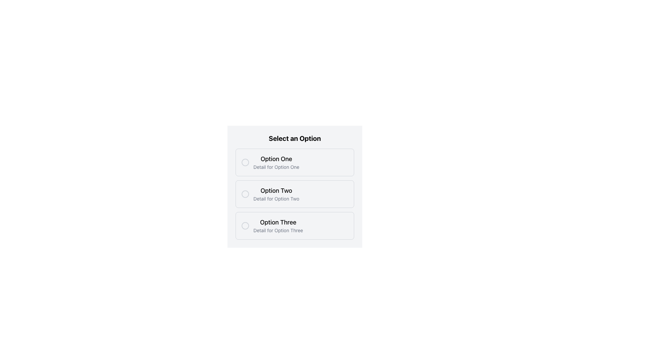 The height and width of the screenshot is (364, 647). Describe the element at coordinates (276, 159) in the screenshot. I see `the title text label for the first option in the selectable list that identifies the choice, which is located above the descriptive text 'Detail for Option One'` at that location.